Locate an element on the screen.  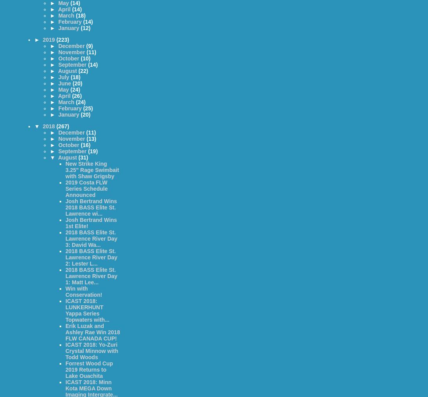
'Win with Conservation!' is located at coordinates (65, 291).